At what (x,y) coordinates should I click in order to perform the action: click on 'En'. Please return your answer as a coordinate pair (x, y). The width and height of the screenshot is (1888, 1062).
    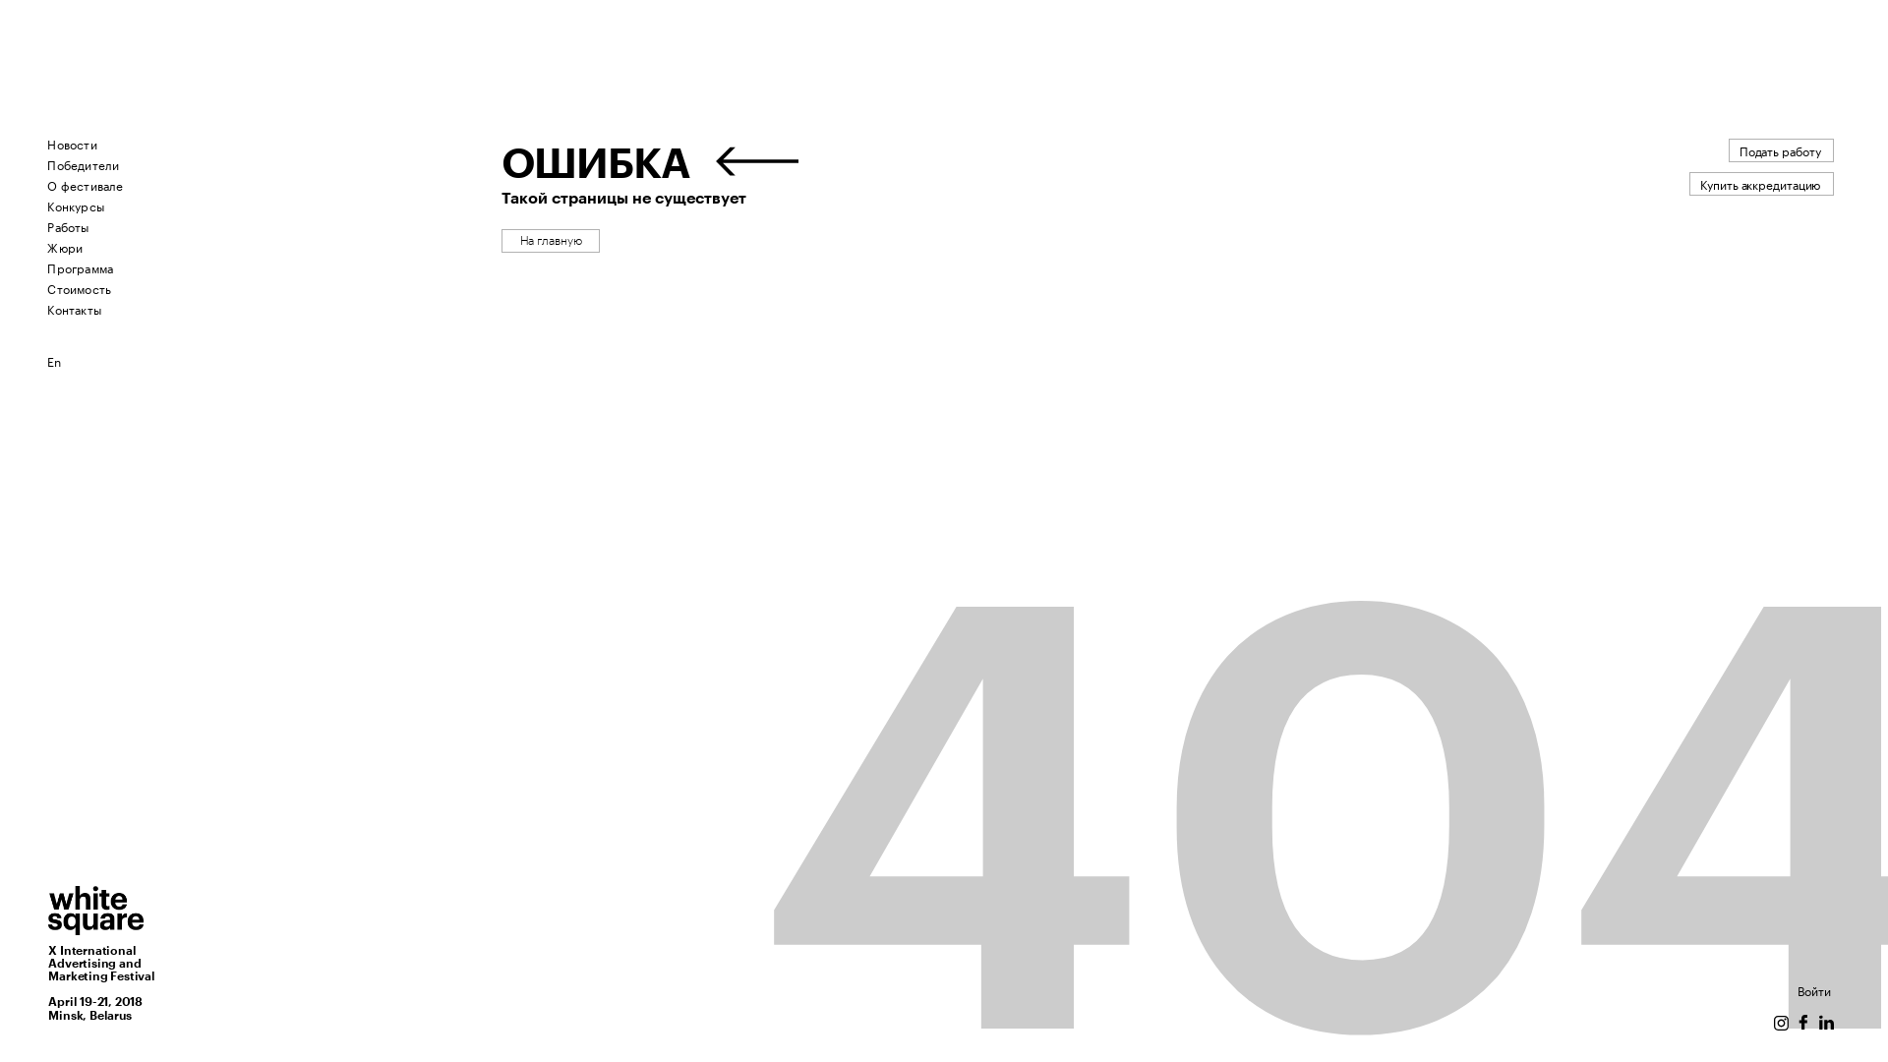
    Looking at the image, I should click on (47, 360).